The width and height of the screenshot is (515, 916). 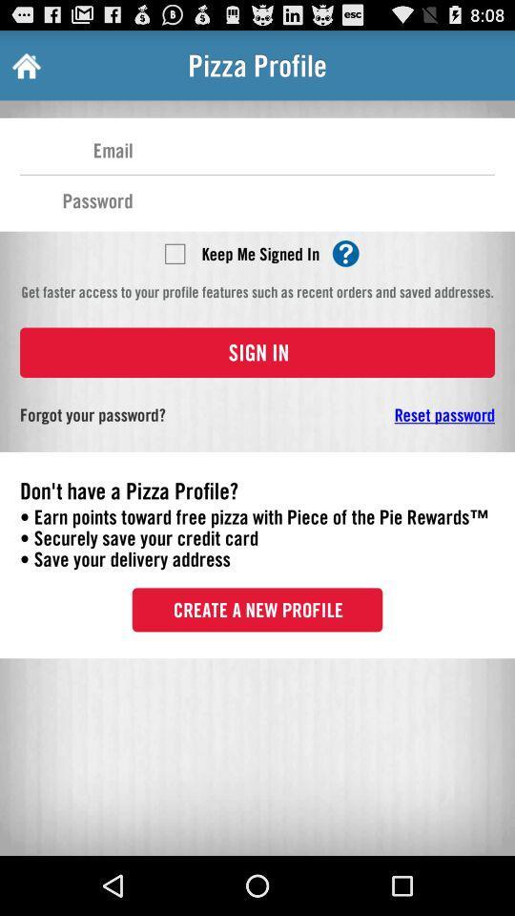 I want to click on option for keep me signed in, so click(x=175, y=252).